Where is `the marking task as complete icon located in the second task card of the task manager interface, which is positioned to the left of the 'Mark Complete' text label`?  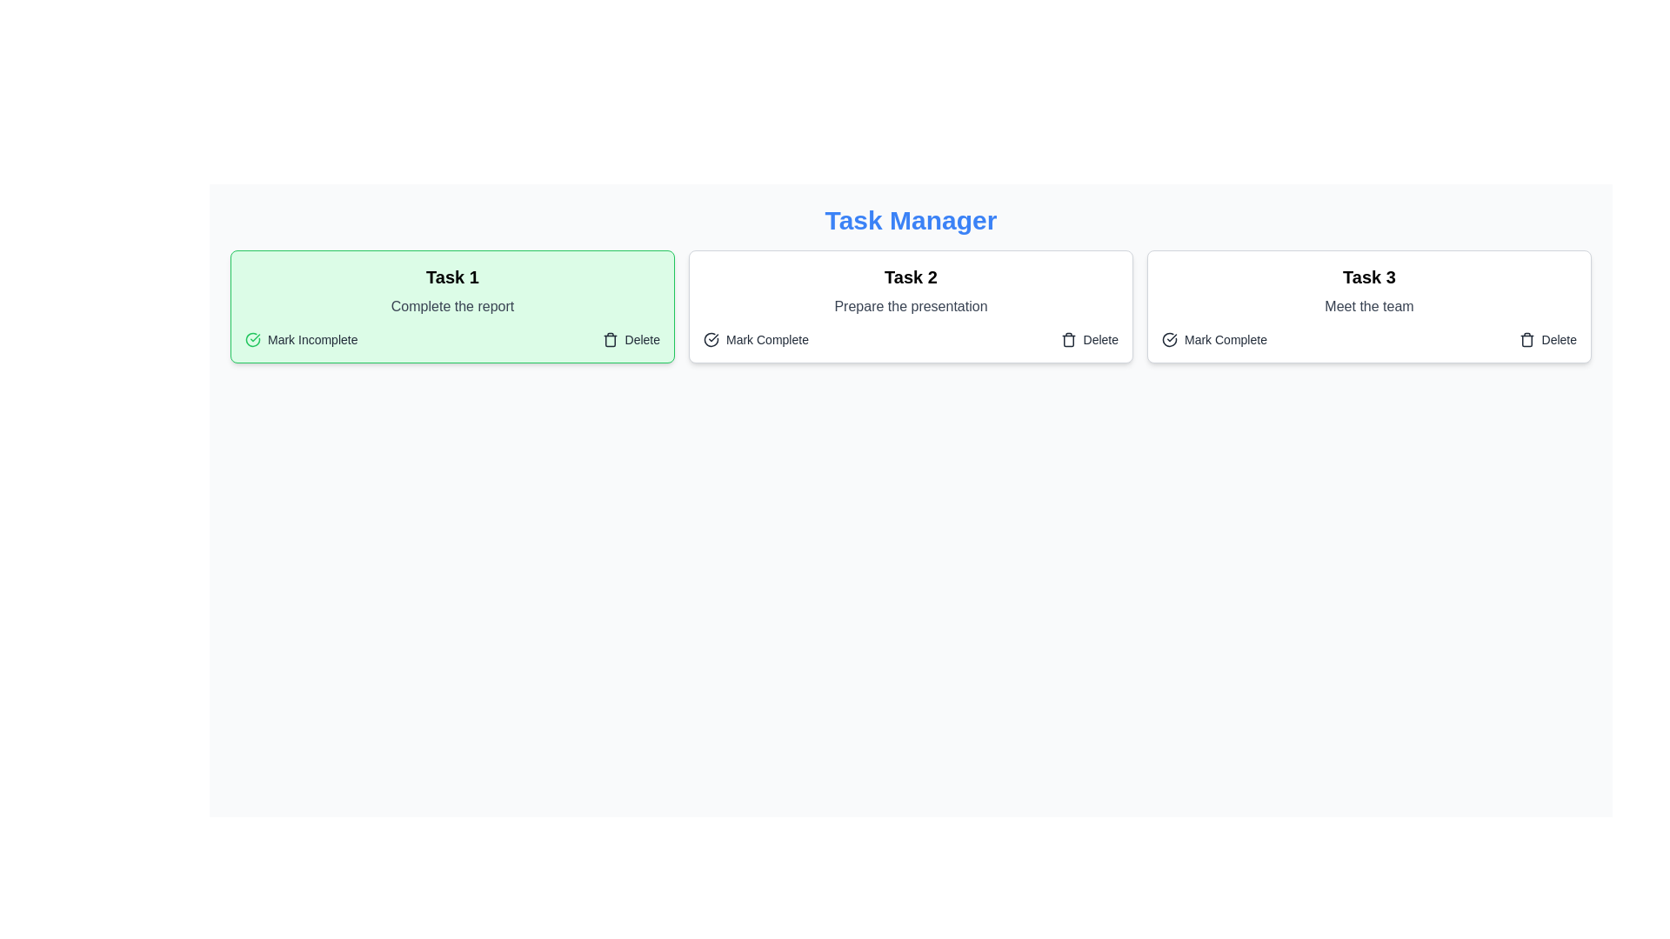
the marking task as complete icon located in the second task card of the task manager interface, which is positioned to the left of the 'Mark Complete' text label is located at coordinates (711, 339).